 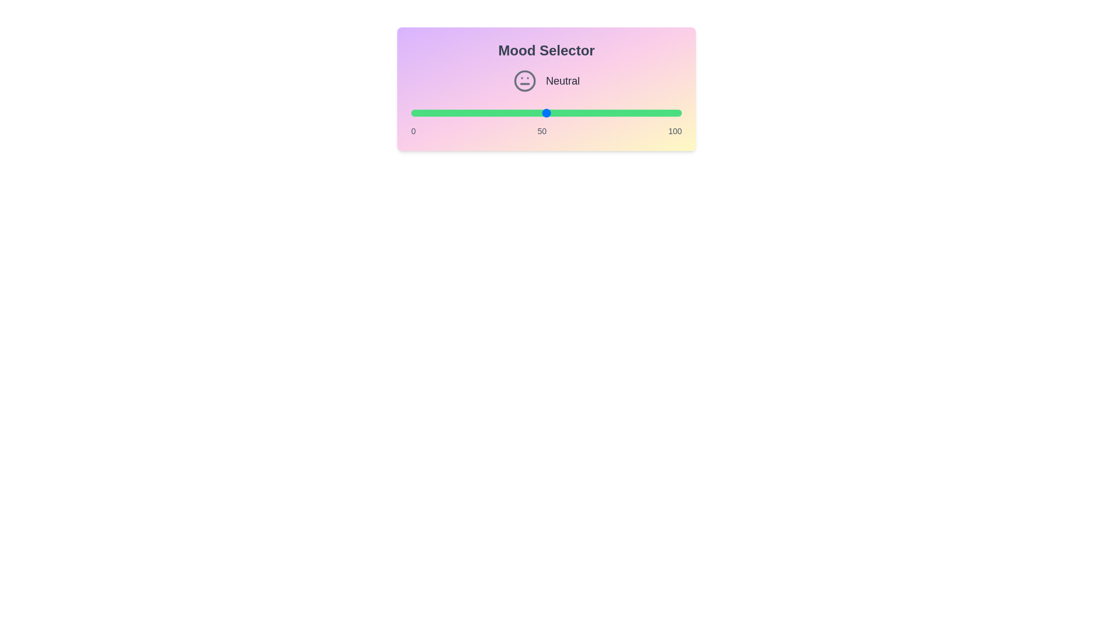 I want to click on the mood value to 42 by adjusting the slider, so click(x=524, y=113).